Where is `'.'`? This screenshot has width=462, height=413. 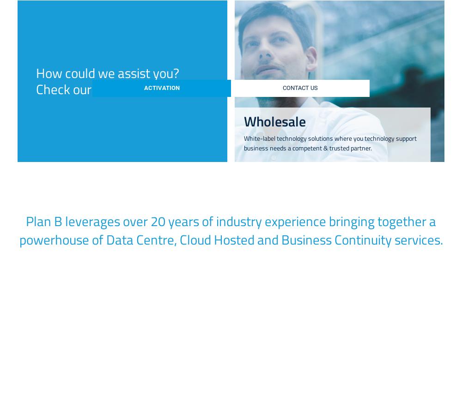
'.' is located at coordinates (318, 219).